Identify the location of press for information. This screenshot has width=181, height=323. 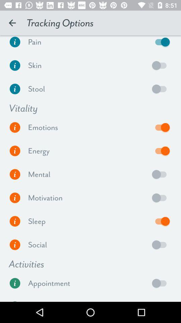
(15, 88).